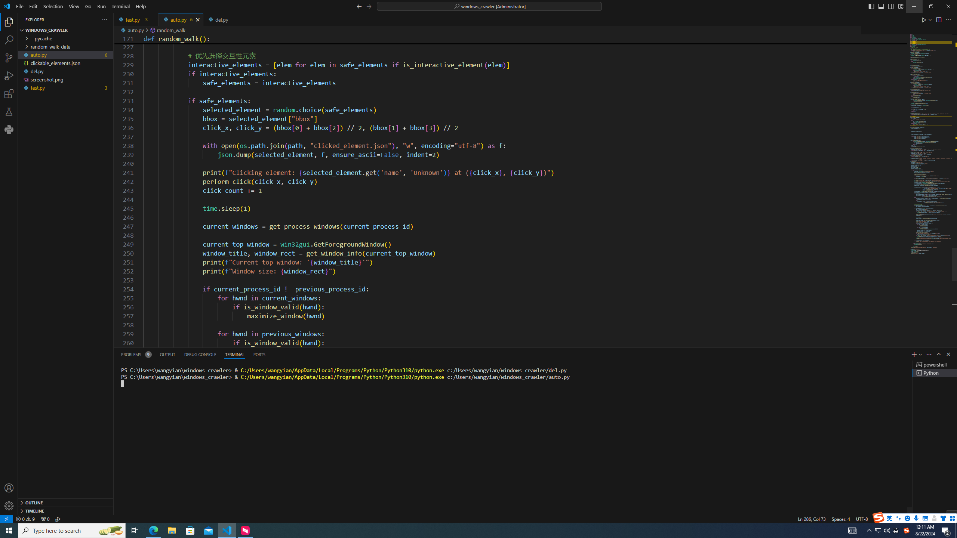 The image size is (957, 538). I want to click on 'test.py', so click(136, 19).